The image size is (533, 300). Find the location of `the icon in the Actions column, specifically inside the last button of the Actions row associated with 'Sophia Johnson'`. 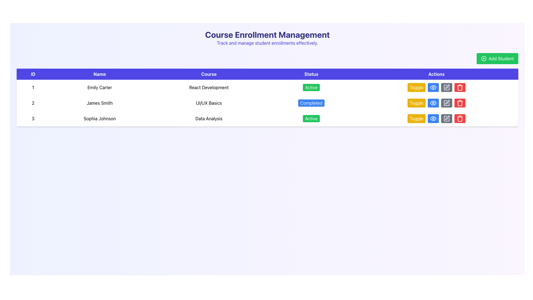

the icon in the Actions column, specifically inside the last button of the Actions row associated with 'Sophia Johnson' is located at coordinates (446, 118).